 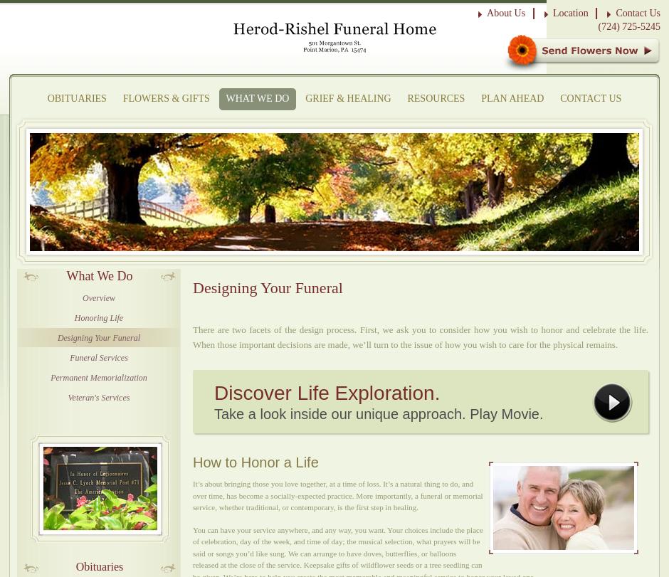 What do you see at coordinates (337, 494) in the screenshot?
I see `'It’s about bringing those you love together, at a time of loss. It’s a natural thing to do, and over time, has become a socially-expected practice. More importantly, a funeral or memorial service, whether traditional, or contemporary, is the first step in healing.'` at bounding box center [337, 494].